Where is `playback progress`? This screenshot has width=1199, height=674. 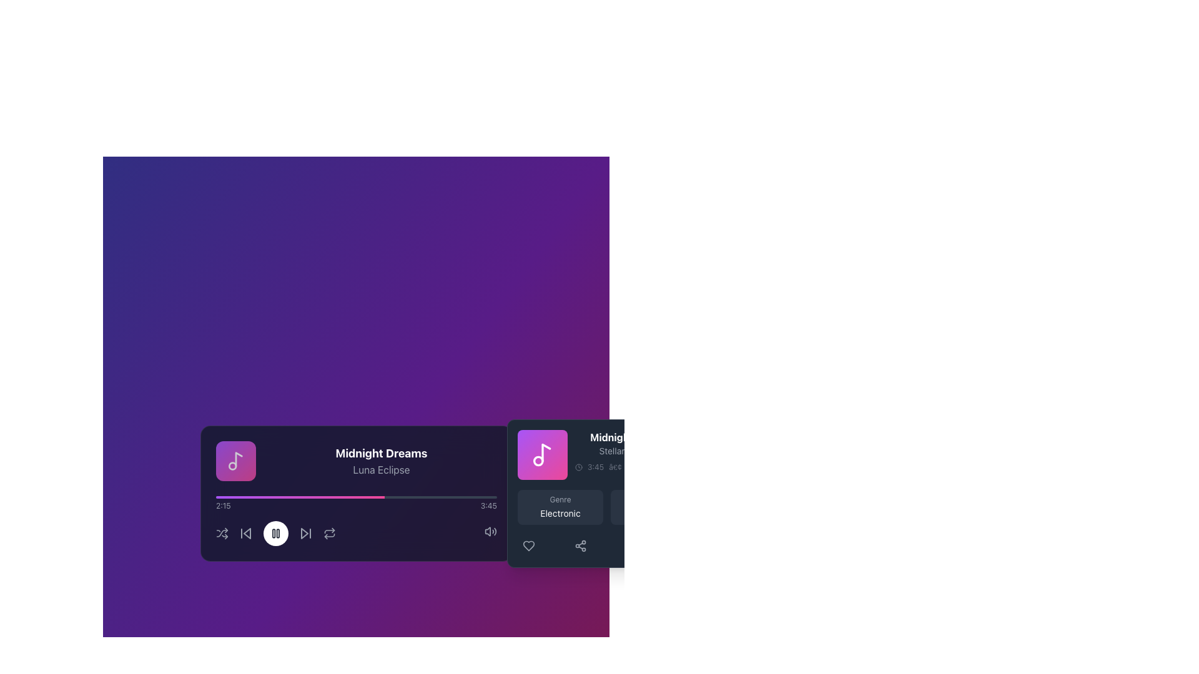 playback progress is located at coordinates (347, 497).